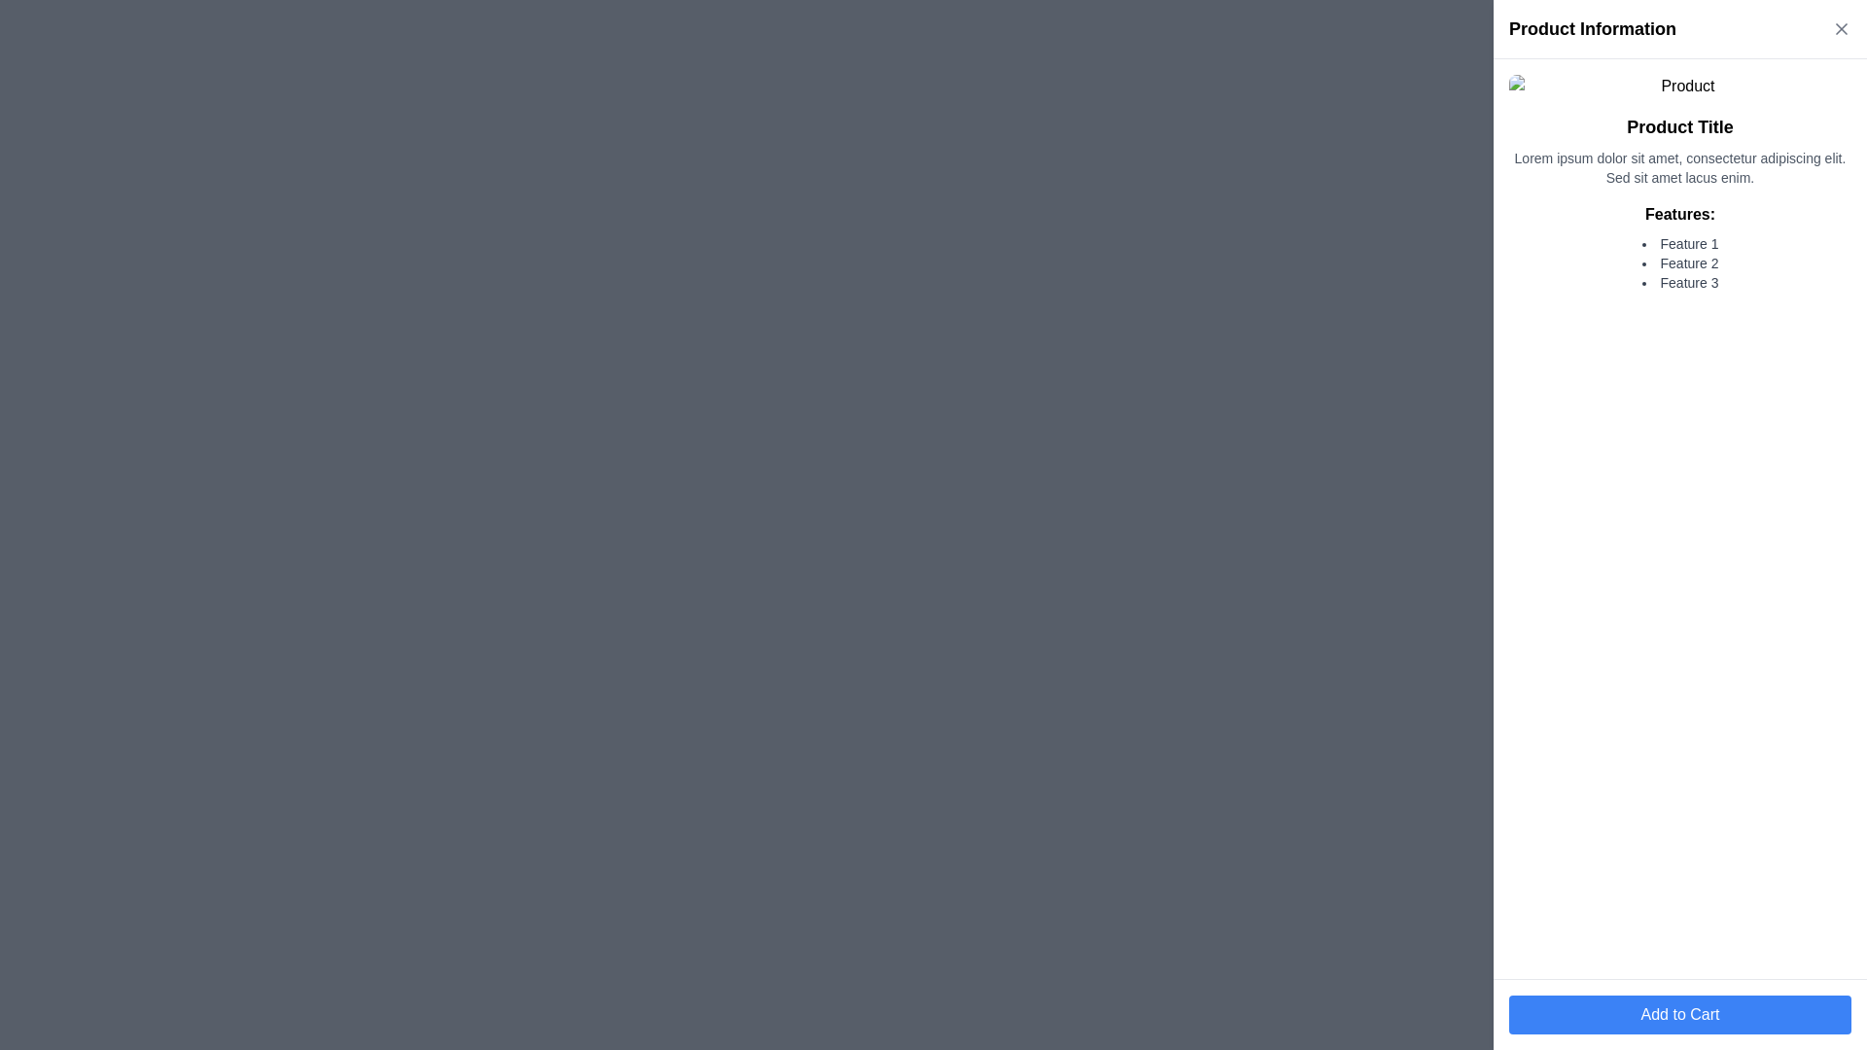 The height and width of the screenshot is (1050, 1867). I want to click on the text element displaying 'Feature 1', which is the first item in a bulleted list under the section labeled 'Features:', so click(1679, 242).